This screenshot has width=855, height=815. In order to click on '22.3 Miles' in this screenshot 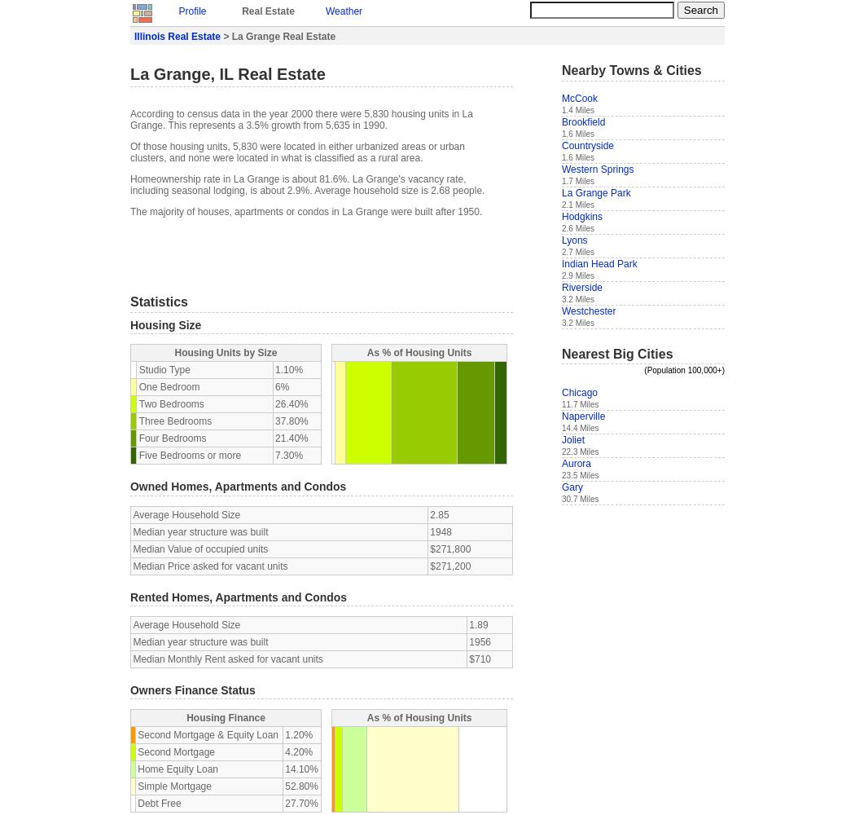, I will do `click(561, 452)`.